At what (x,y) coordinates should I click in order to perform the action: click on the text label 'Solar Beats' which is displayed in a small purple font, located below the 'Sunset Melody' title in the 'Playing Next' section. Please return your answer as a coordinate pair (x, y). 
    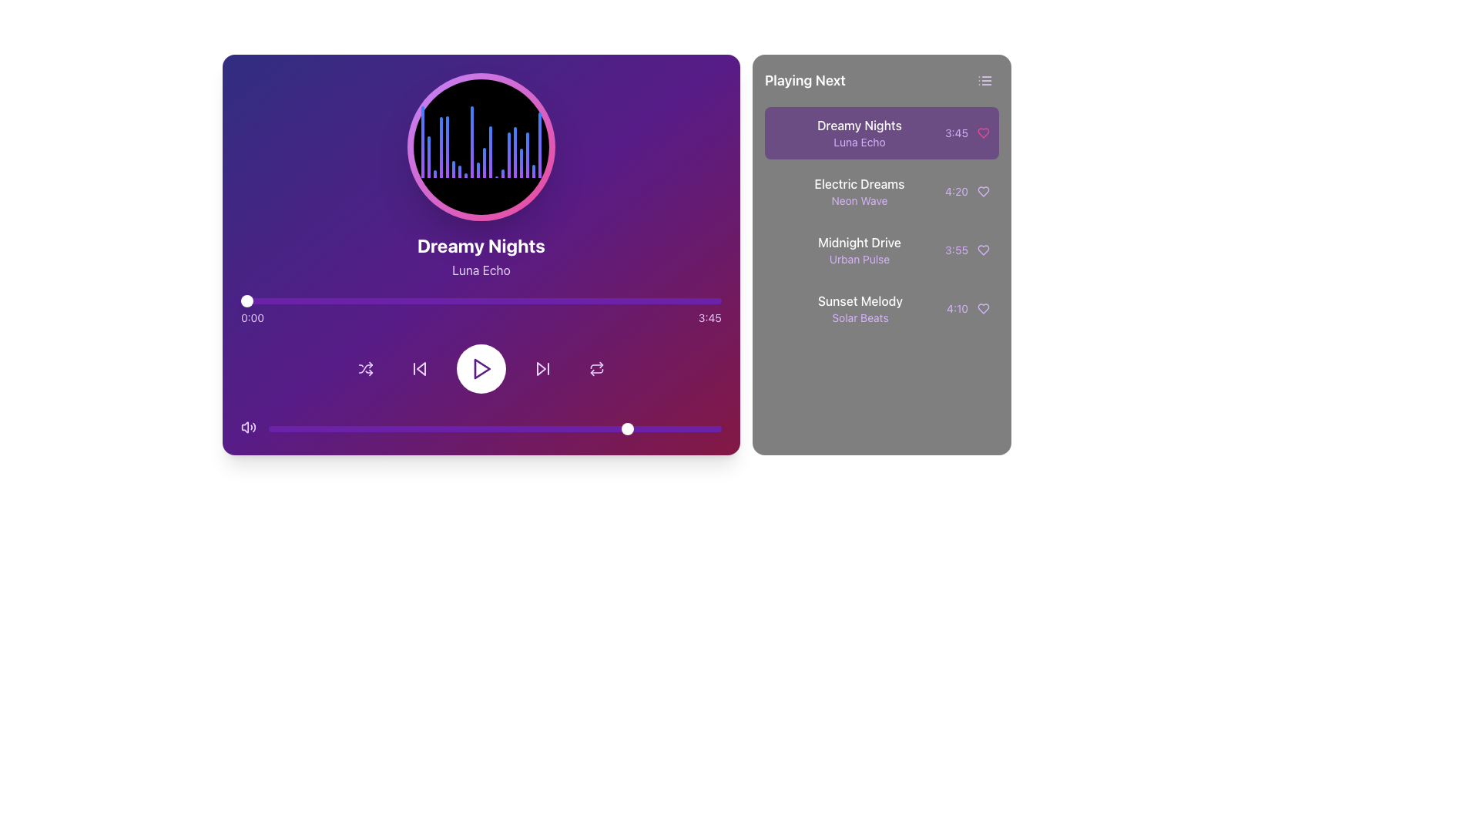
    Looking at the image, I should click on (860, 317).